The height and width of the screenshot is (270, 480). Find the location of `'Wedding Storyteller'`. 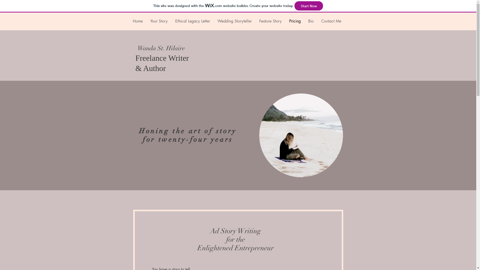

'Wedding Storyteller' is located at coordinates (213, 21).